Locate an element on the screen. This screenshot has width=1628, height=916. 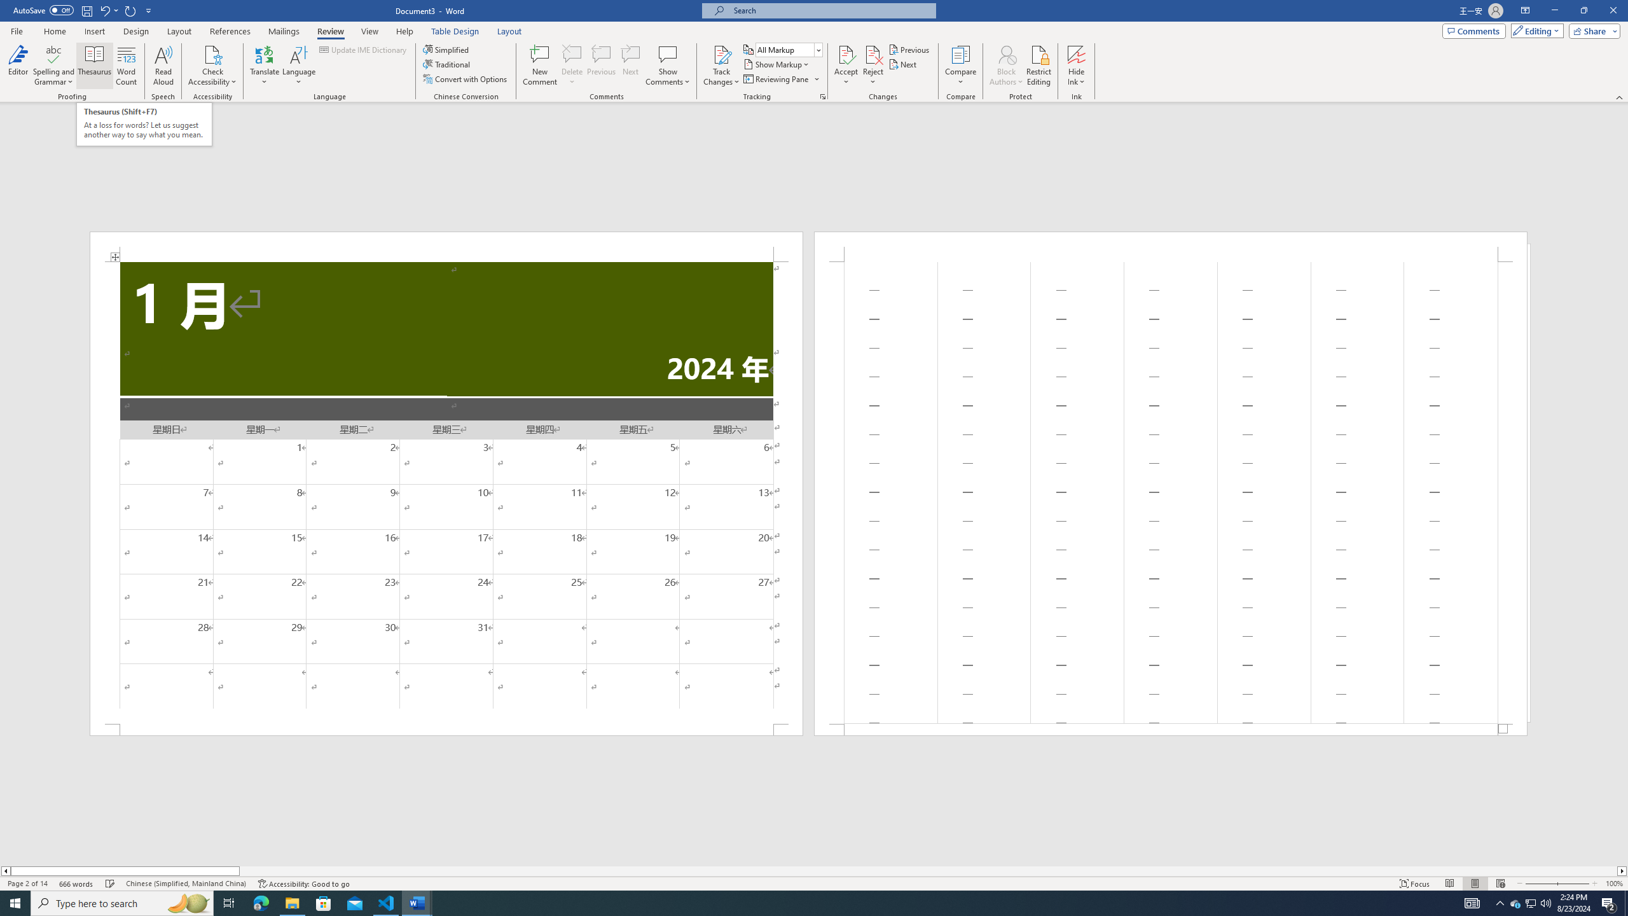
'Change Tracking Options...' is located at coordinates (822, 95).